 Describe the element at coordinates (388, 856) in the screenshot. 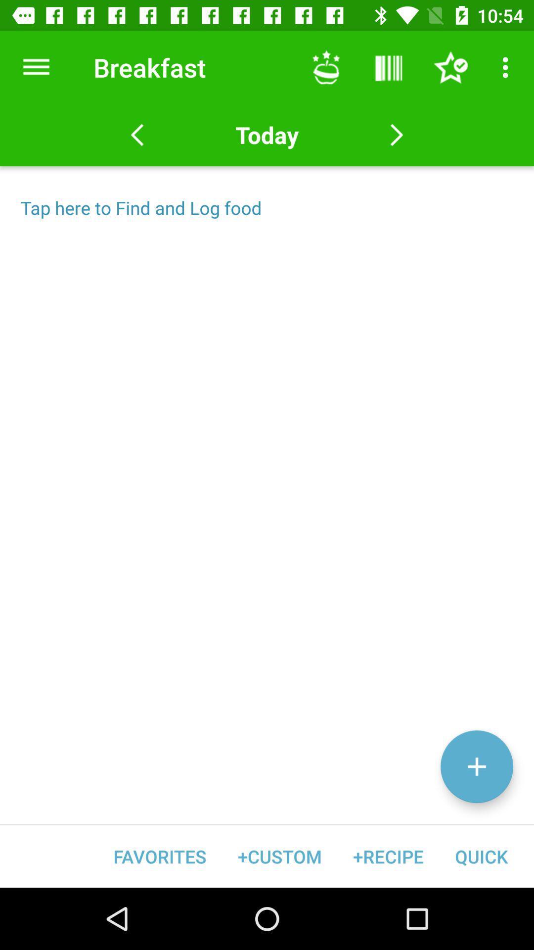

I see `icon to the left of quick icon` at that location.